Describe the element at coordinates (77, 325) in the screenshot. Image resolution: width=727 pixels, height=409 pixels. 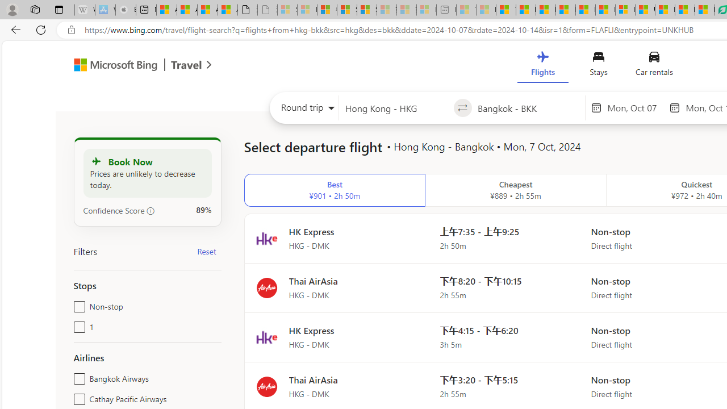
I see `'1'` at that location.